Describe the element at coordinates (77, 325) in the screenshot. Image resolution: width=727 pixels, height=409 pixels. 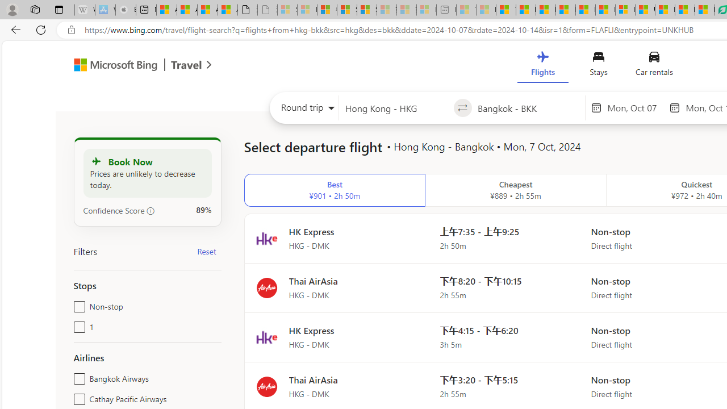
I see `'1'` at that location.